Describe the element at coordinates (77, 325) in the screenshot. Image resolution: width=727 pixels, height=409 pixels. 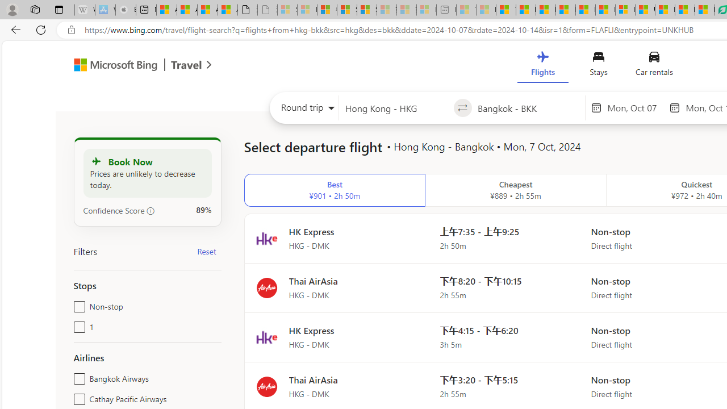
I see `'1'` at that location.